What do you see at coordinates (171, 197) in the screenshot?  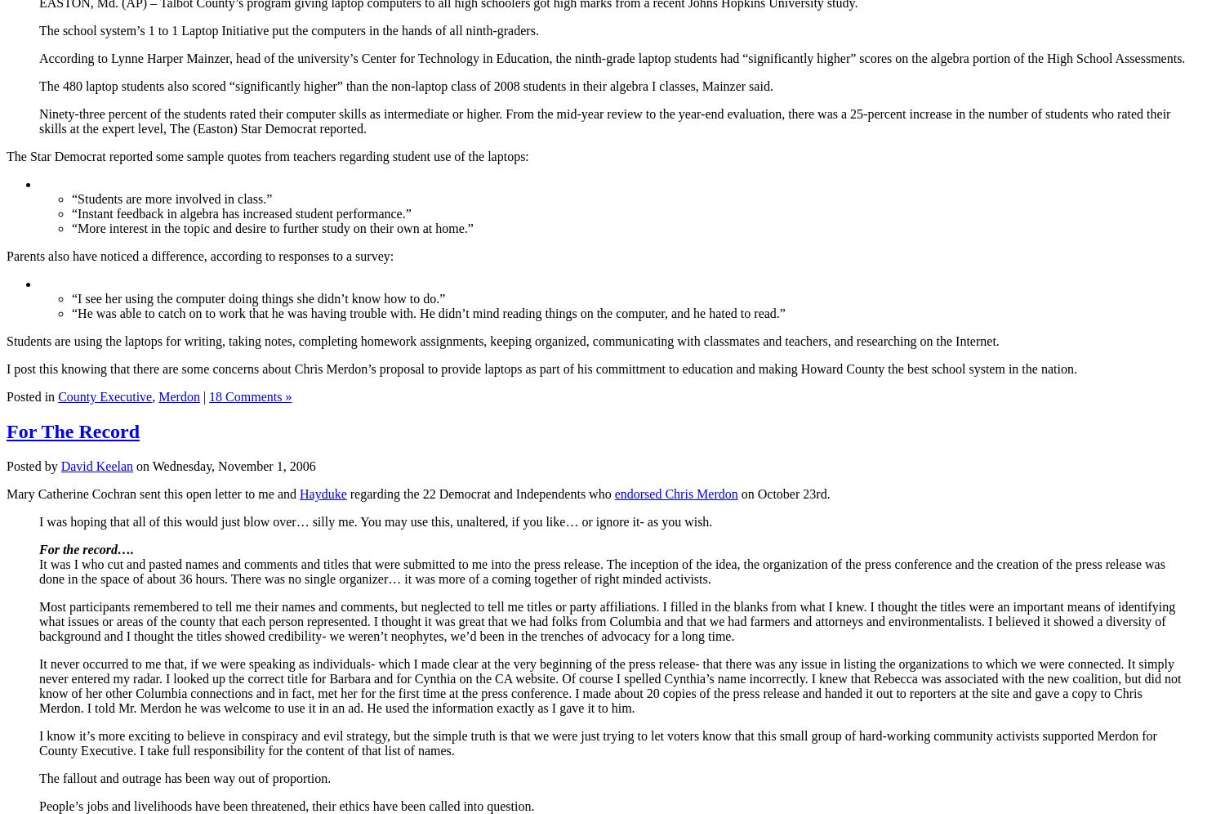 I see `'“Students are more involved in class.”'` at bounding box center [171, 197].